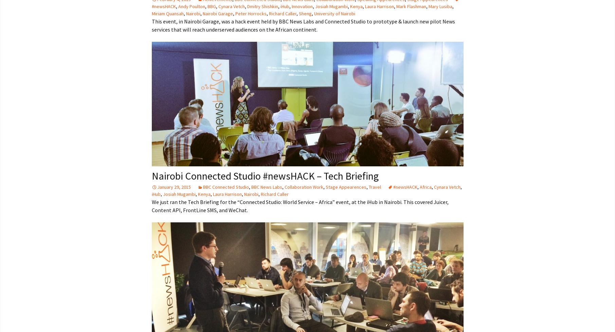 The image size is (615, 332). I want to click on 'Nairobi Connected Studio #newsHACK – Tech Briefing', so click(264, 176).